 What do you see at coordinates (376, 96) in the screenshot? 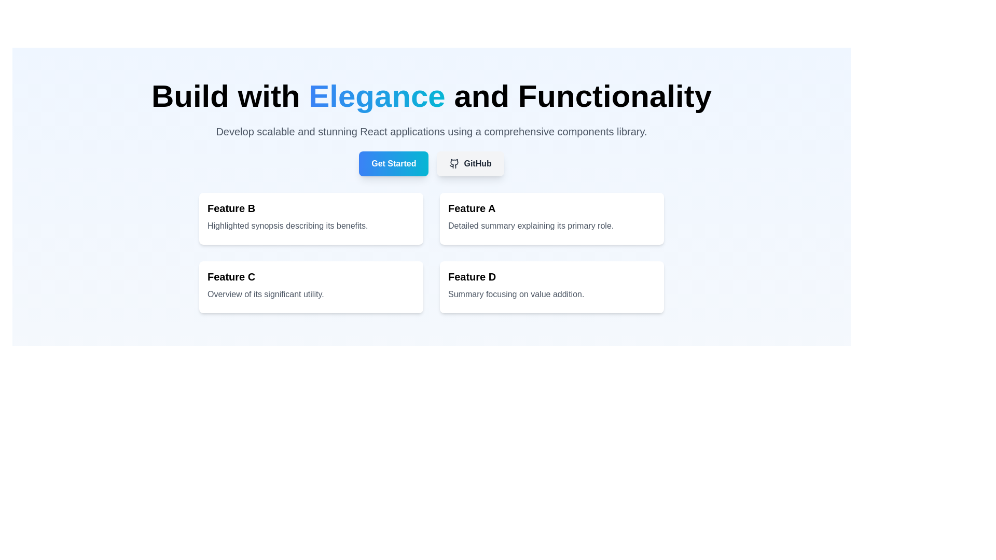
I see `text 'Elegance' which is the second word in the heading 'Build with Elegance and Functionality', located at the center of the upper section of the interface` at bounding box center [376, 96].